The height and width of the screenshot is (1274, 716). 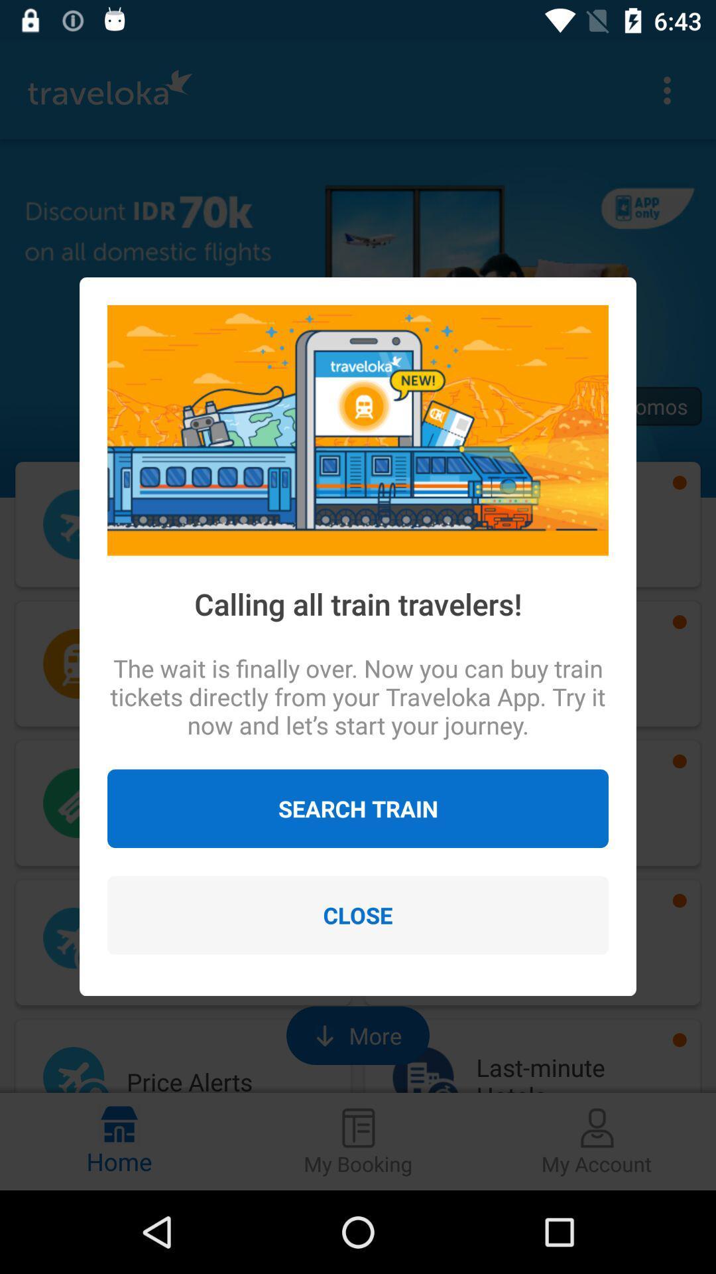 What do you see at coordinates (358, 914) in the screenshot?
I see `the close icon` at bounding box center [358, 914].